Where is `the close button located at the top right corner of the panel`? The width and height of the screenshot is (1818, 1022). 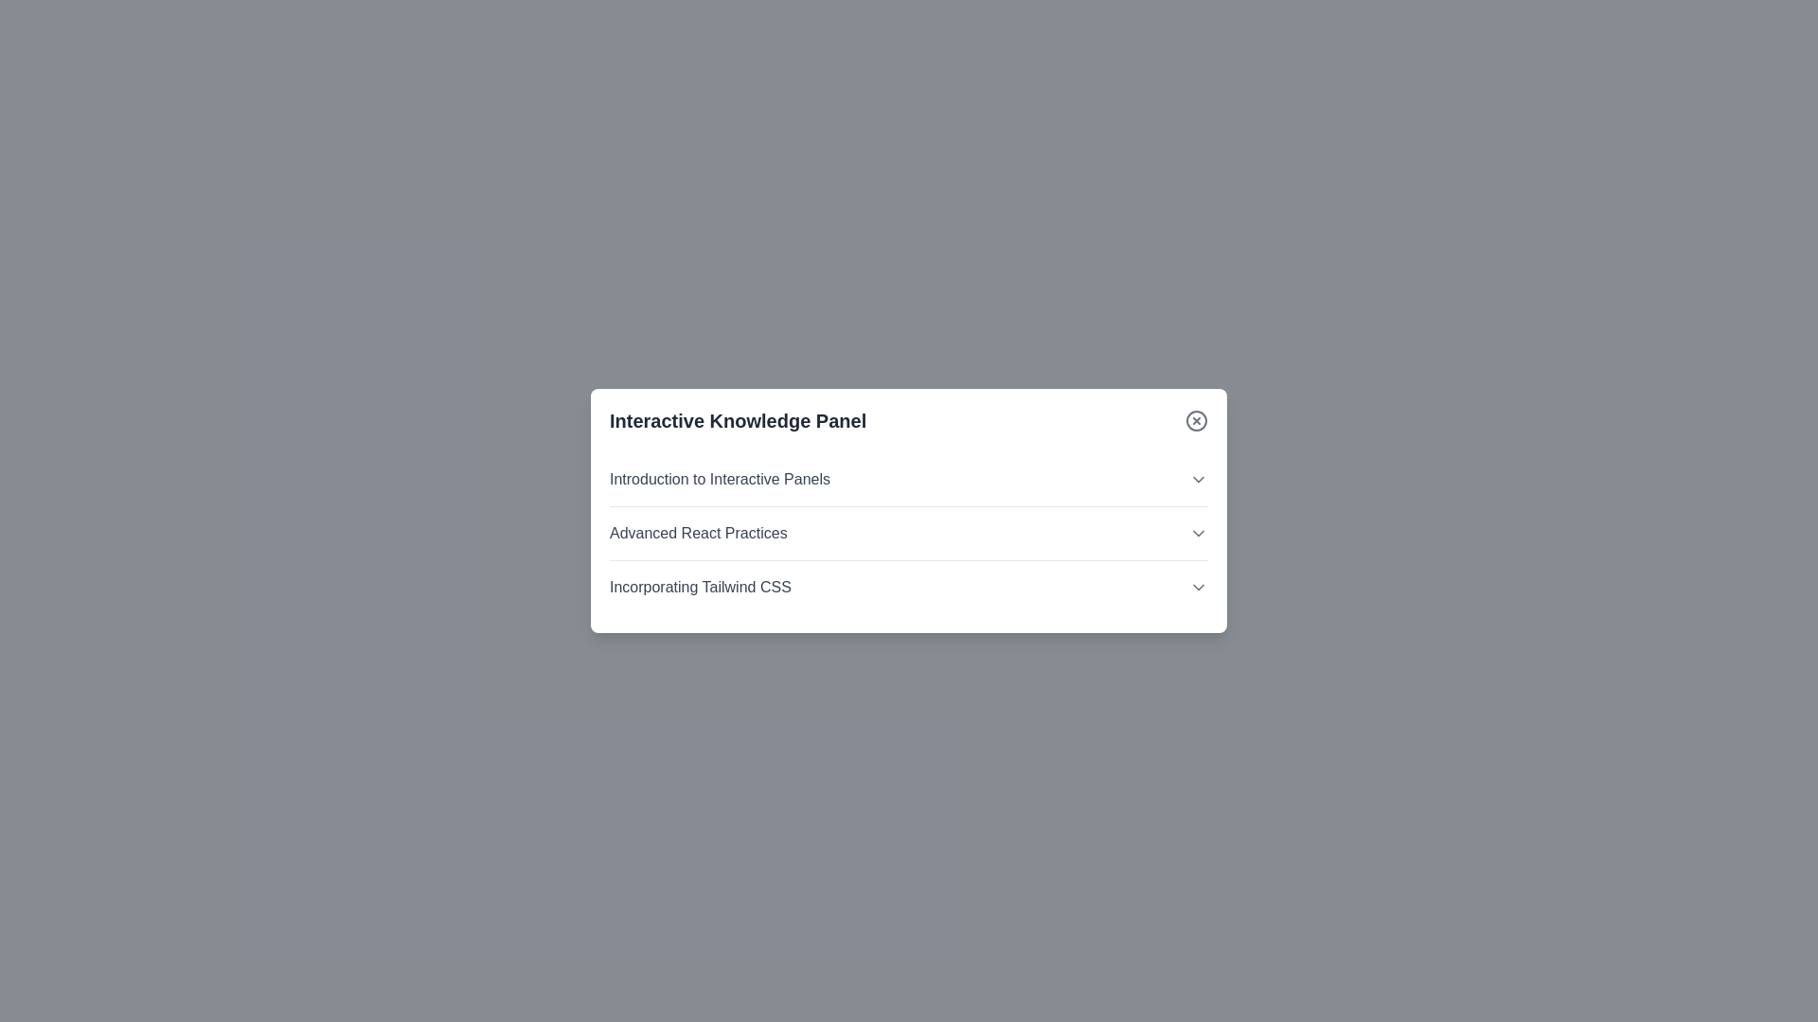
the close button located at the top right corner of the panel is located at coordinates (1195, 419).